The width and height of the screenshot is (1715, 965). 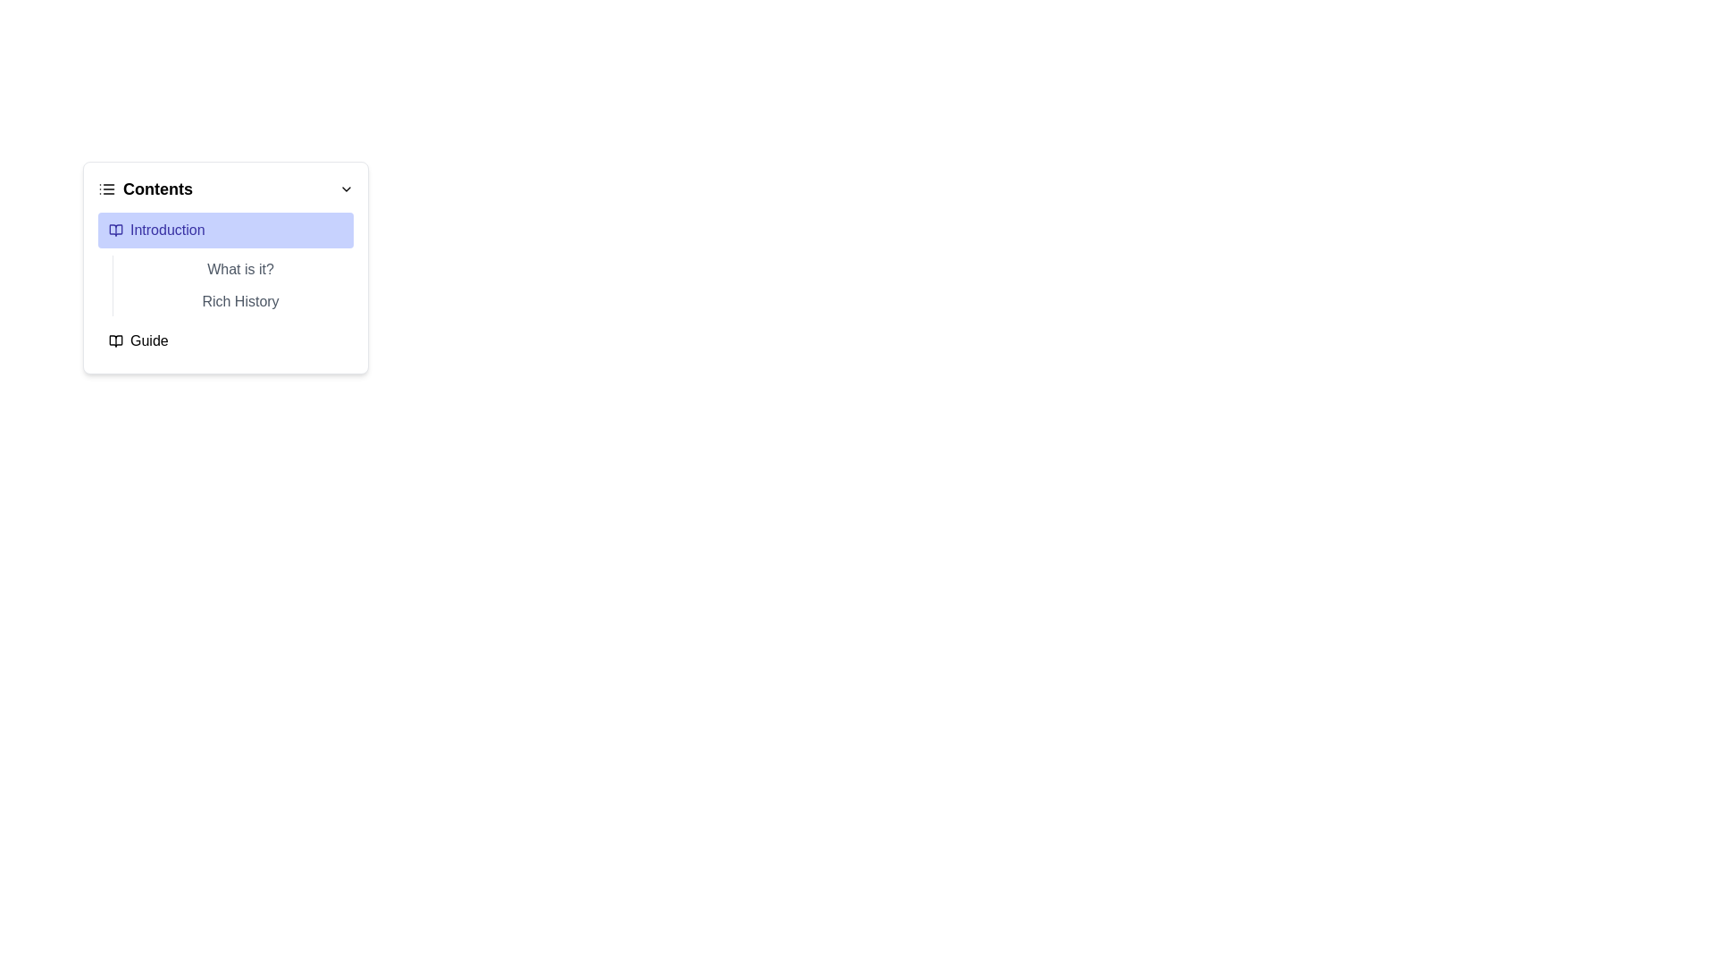 What do you see at coordinates (225, 285) in the screenshot?
I see `the interactive text element containing 'What is it?' and 'Rich History?' located under the 'Introduction' heading in the 'Contents' section` at bounding box center [225, 285].